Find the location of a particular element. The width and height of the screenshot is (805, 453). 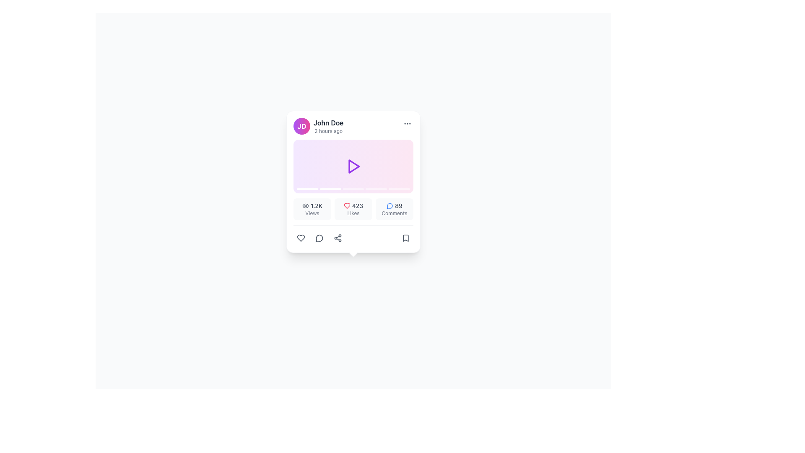

the Profile display element located in the upper-left corner of the card structure, which displays the user's avatar, name, and last activity timestamp is located at coordinates (318, 126).